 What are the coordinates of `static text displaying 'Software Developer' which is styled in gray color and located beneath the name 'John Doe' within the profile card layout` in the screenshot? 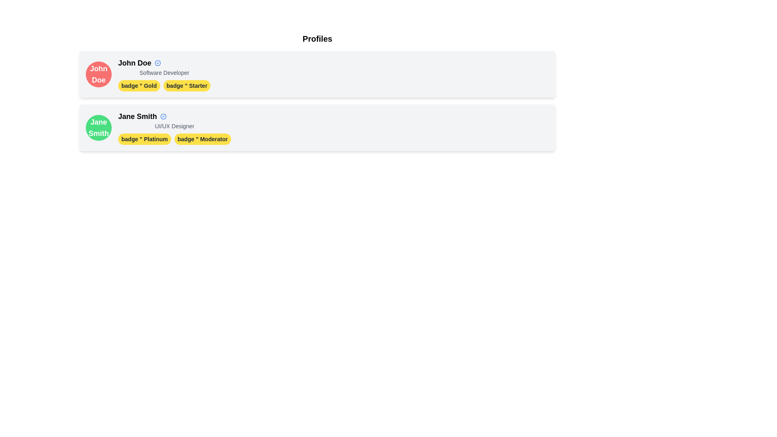 It's located at (164, 73).